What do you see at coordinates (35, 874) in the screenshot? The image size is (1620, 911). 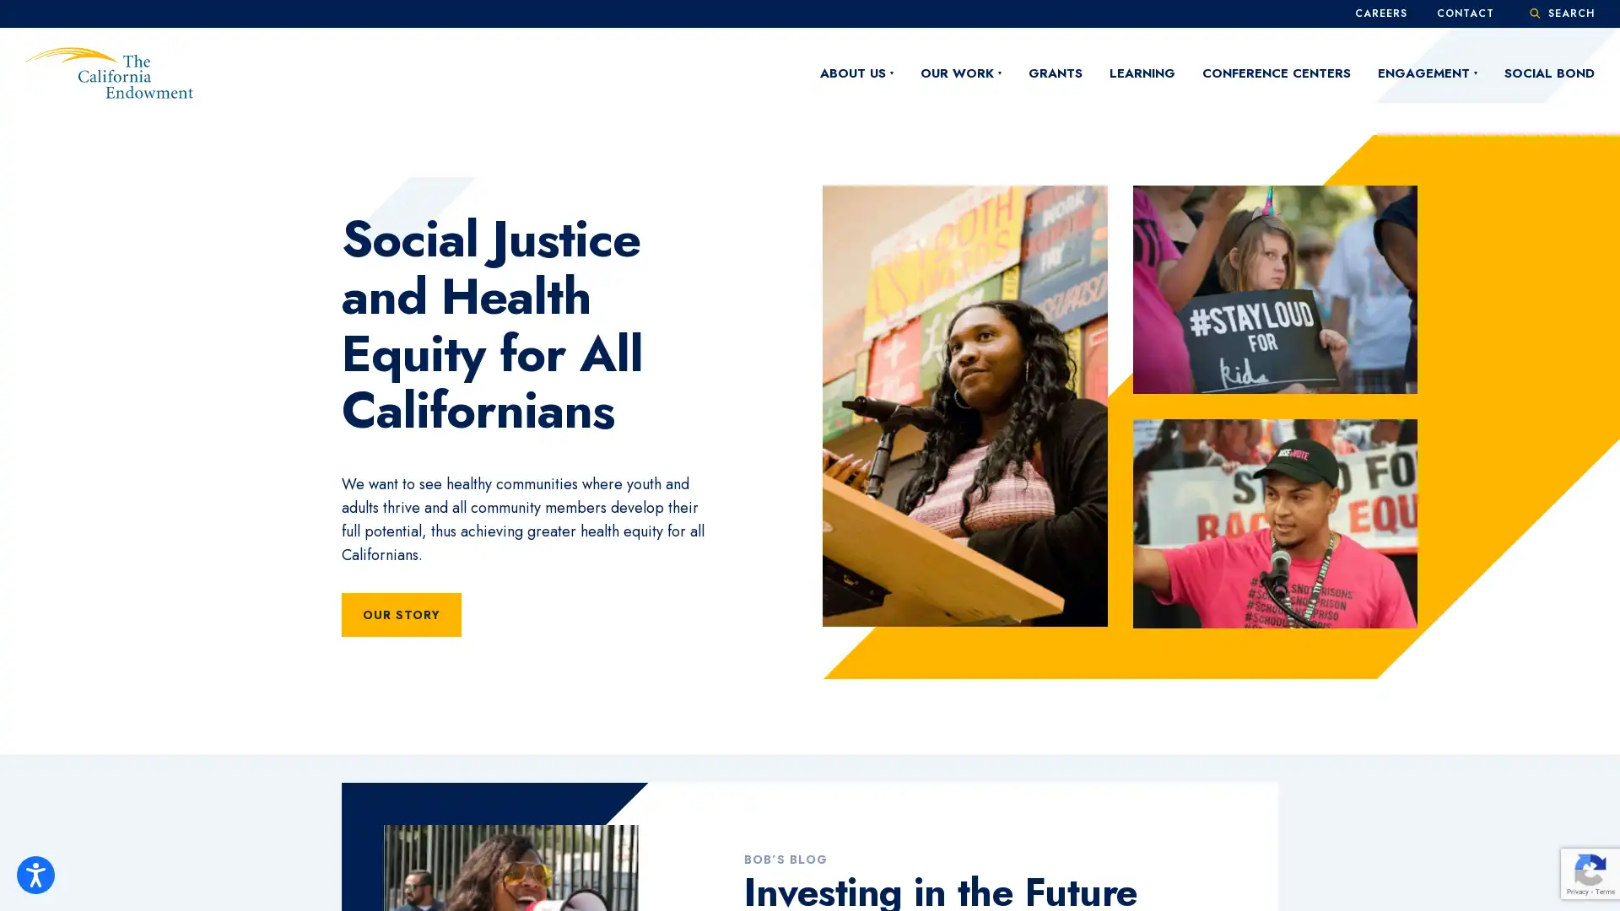 I see `Open accessibility options, statement and help` at bounding box center [35, 874].